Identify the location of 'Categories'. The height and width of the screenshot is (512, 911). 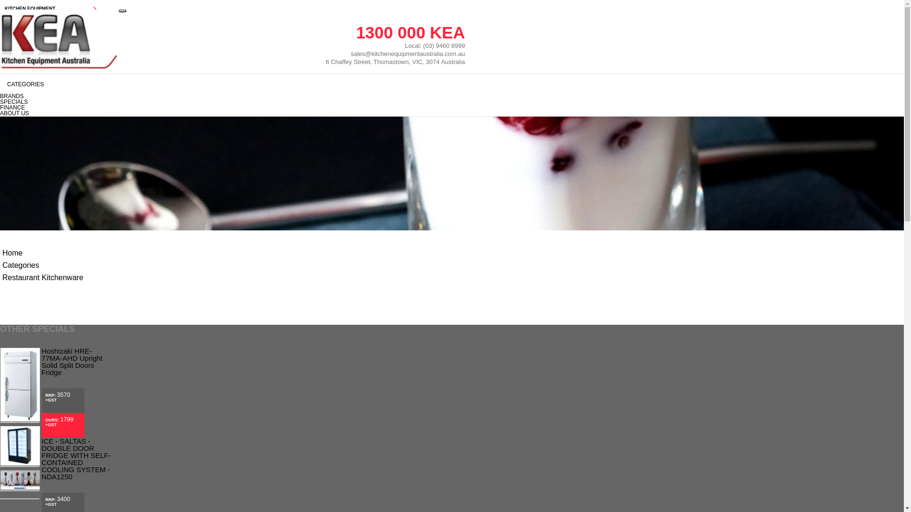
(20, 265).